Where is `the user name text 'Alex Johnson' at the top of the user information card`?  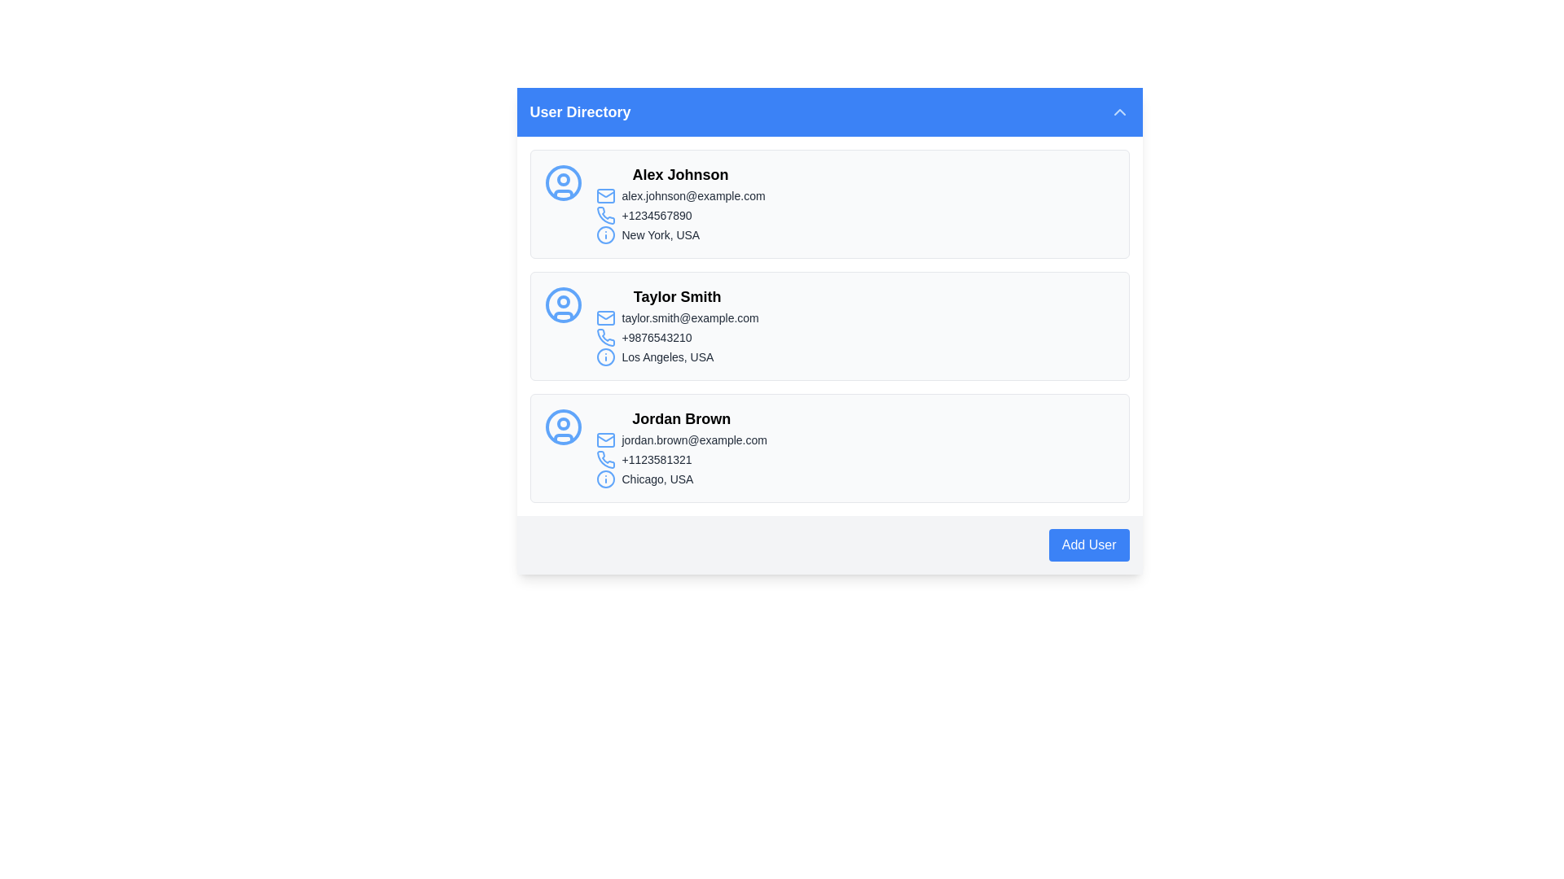
the user name text 'Alex Johnson' at the top of the user information card is located at coordinates (680, 175).